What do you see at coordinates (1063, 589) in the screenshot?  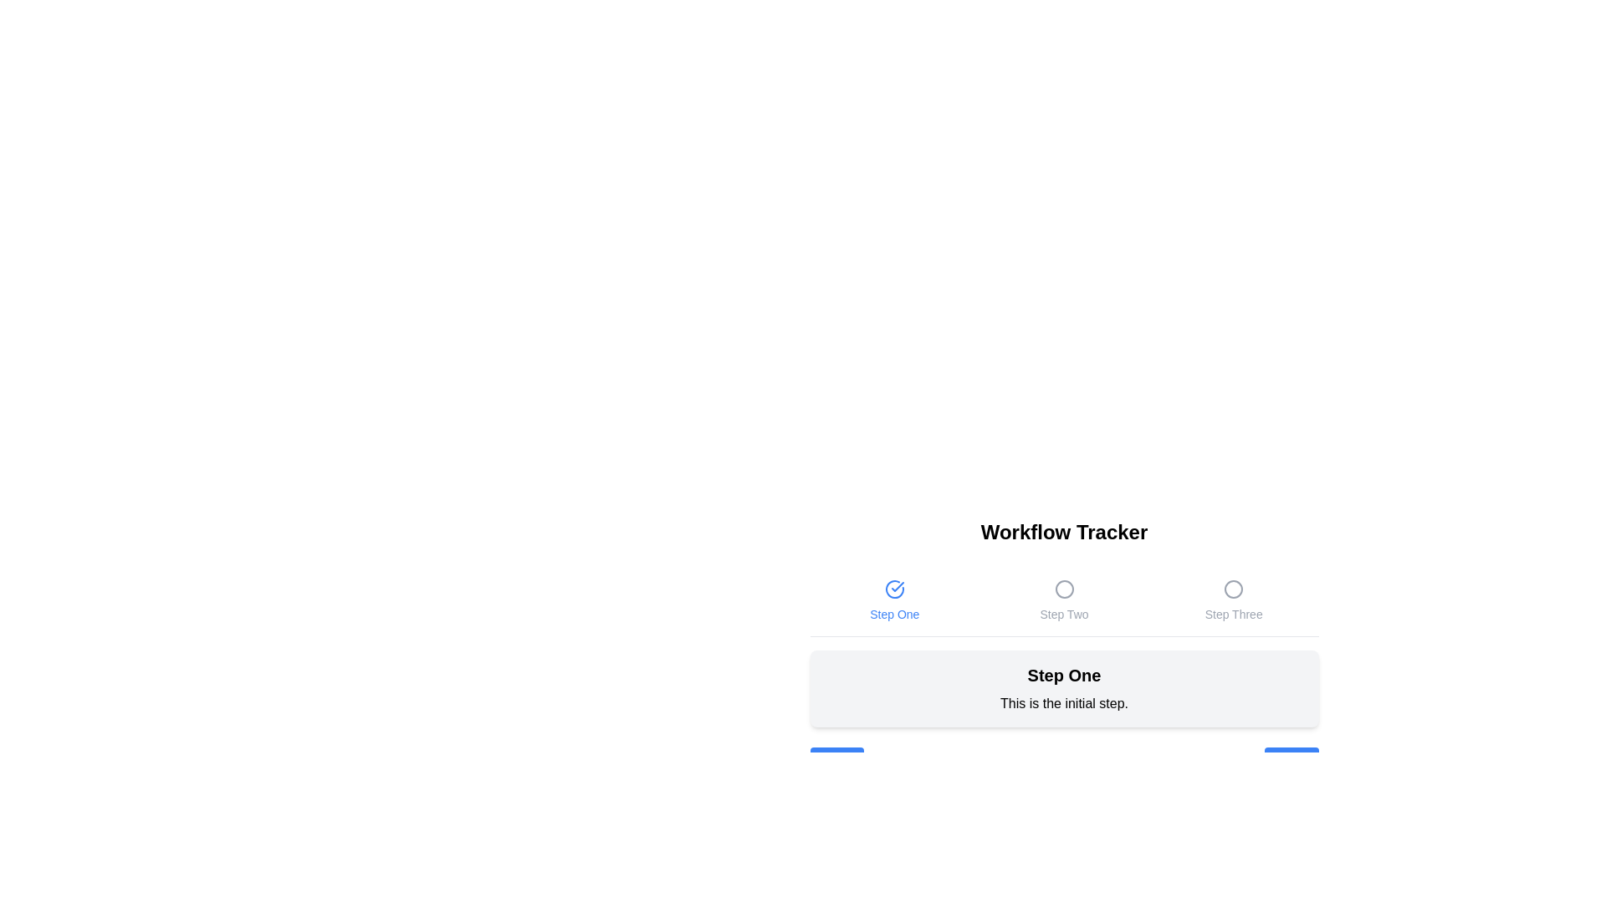 I see `the circular icon labeled 'Step Two' to indicate progress` at bounding box center [1063, 589].